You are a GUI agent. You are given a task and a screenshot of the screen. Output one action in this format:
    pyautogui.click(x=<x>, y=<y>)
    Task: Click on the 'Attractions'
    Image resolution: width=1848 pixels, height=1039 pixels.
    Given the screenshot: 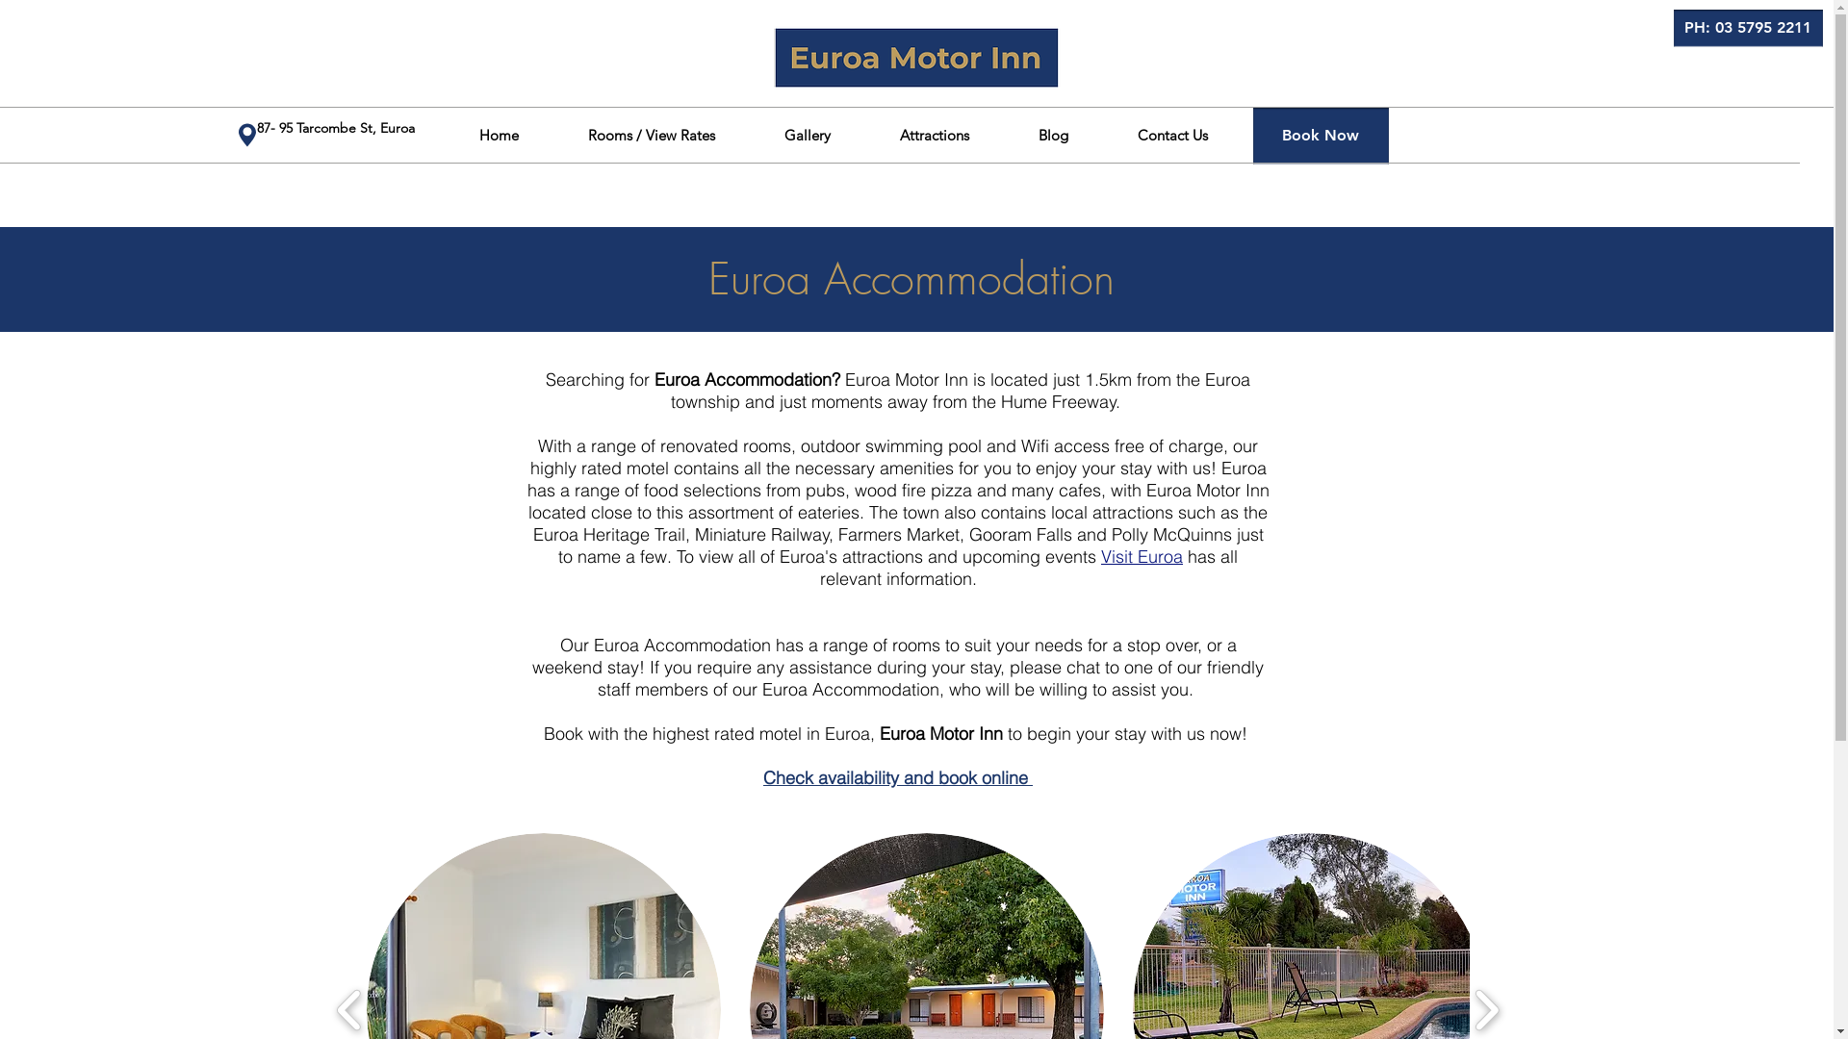 What is the action you would take?
    pyautogui.click(x=933, y=134)
    